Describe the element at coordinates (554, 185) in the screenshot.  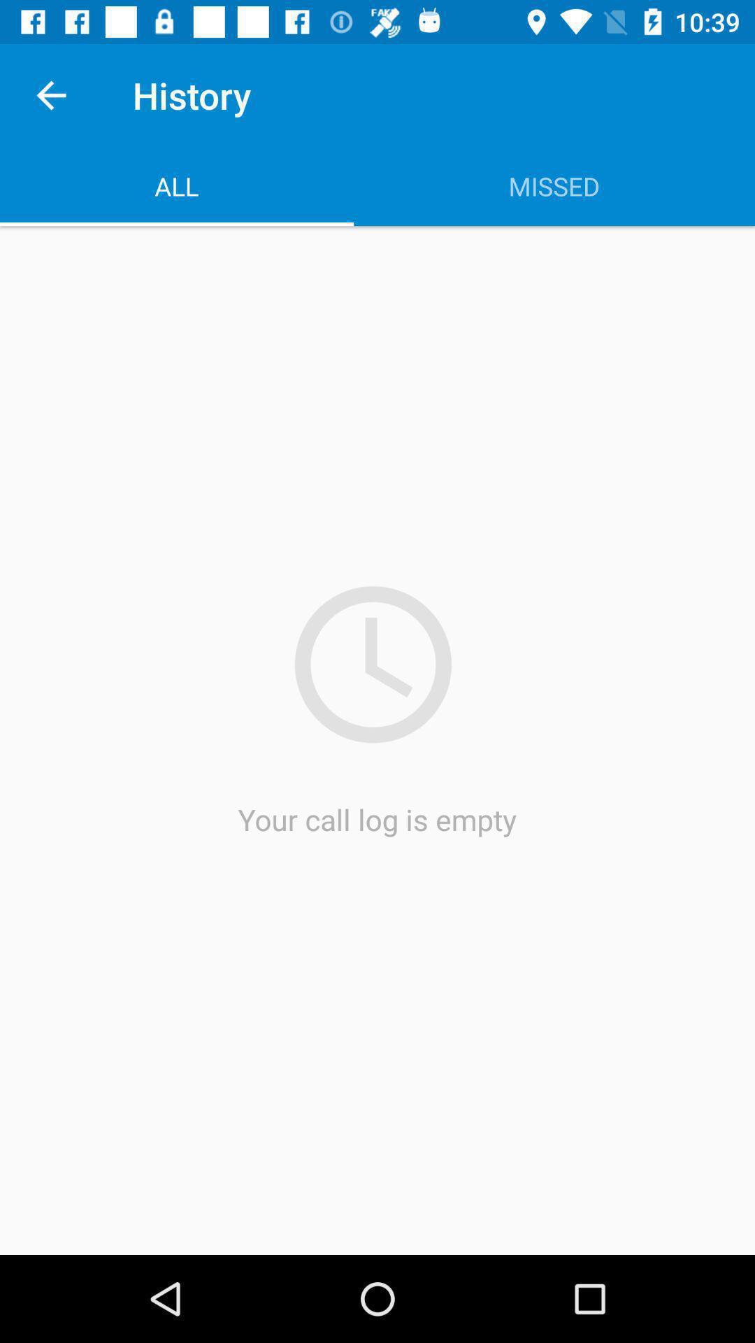
I see `icon to the right of all icon` at that location.